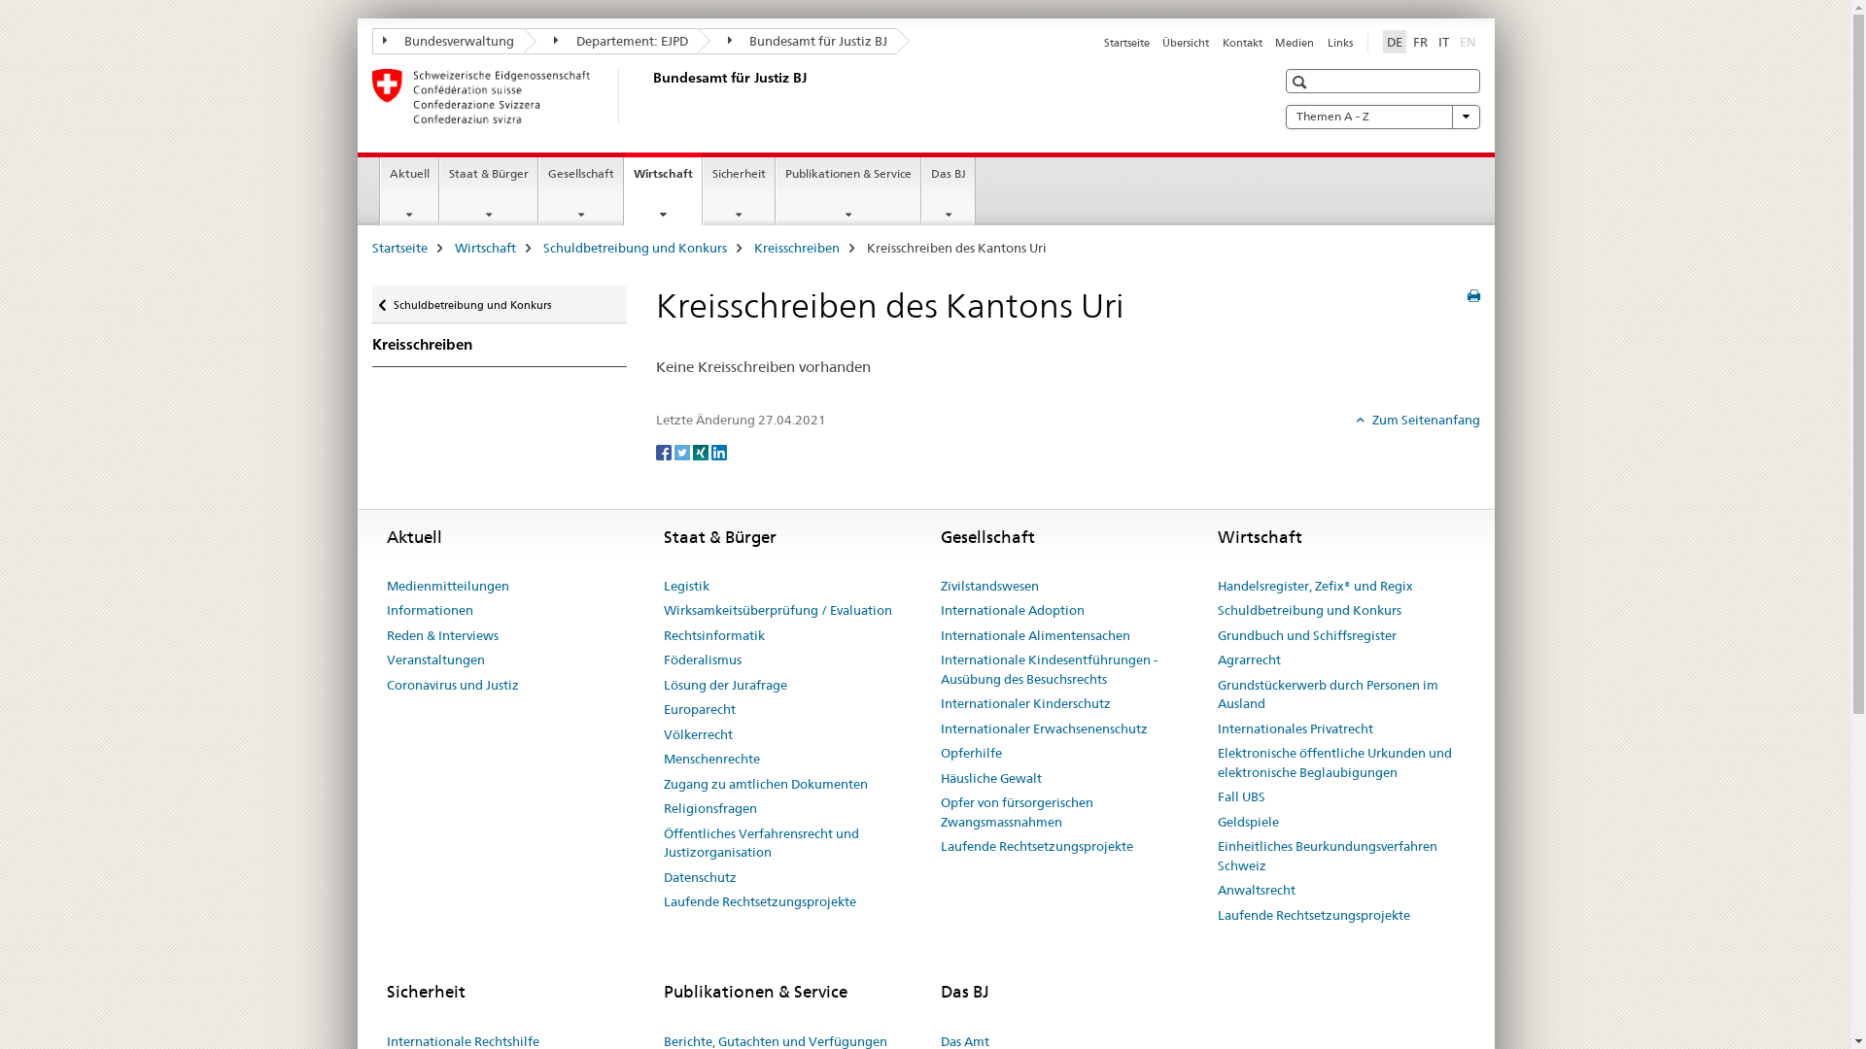 The width and height of the screenshot is (1866, 1049). I want to click on 'Wirtschaft, so click(663, 188).